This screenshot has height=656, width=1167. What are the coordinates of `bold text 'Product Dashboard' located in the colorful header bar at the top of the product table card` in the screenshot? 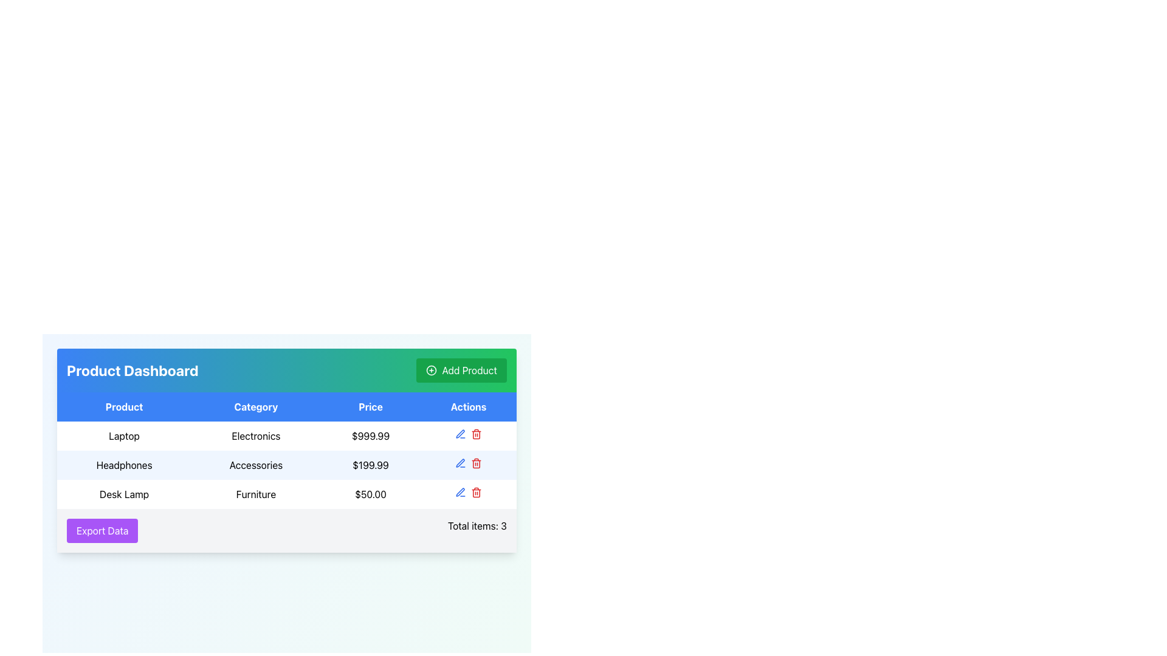 It's located at (133, 369).